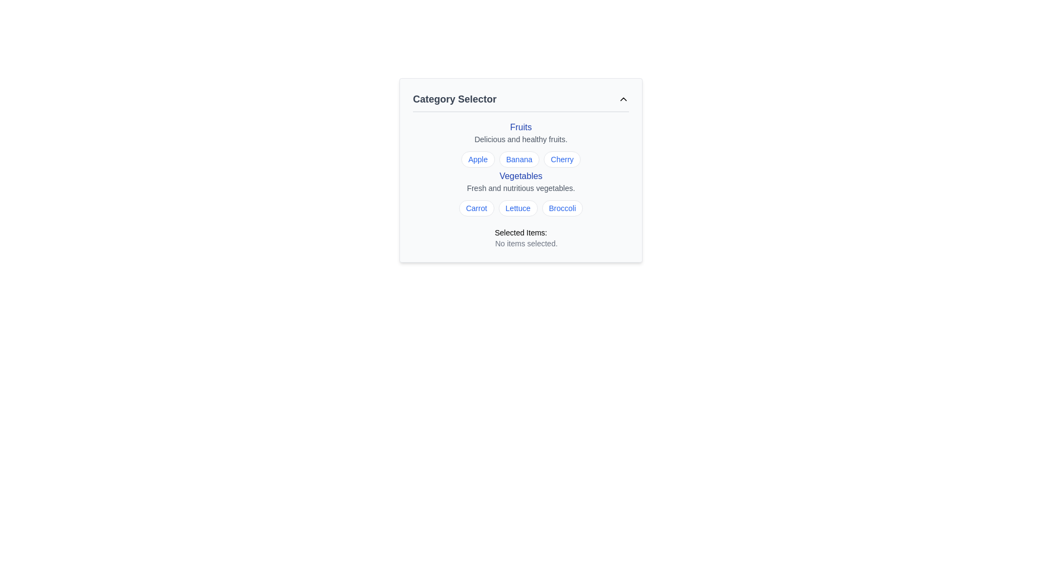  What do you see at coordinates (521, 127) in the screenshot?
I see `the bold, medium-sized blue text label displaying 'Fruits' at the header of the fruits section` at bounding box center [521, 127].